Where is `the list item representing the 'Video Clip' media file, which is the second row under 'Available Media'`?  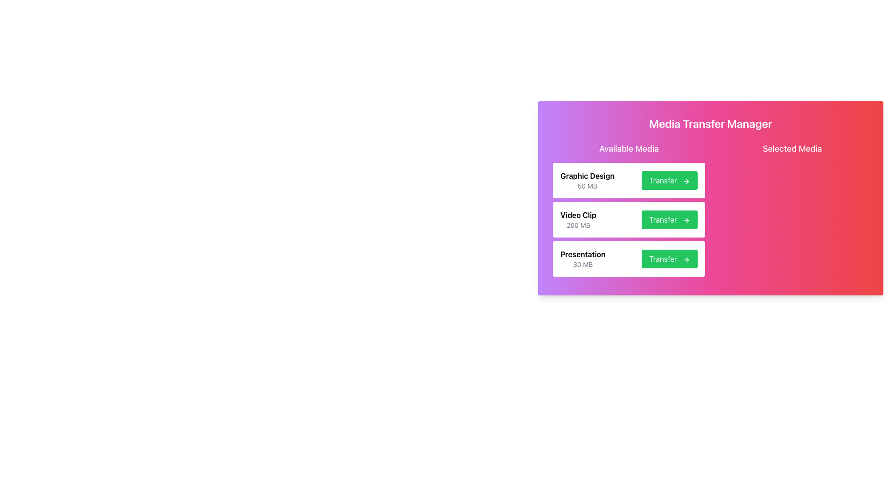 the list item representing the 'Video Clip' media file, which is the second row under 'Available Media' is located at coordinates (629, 219).